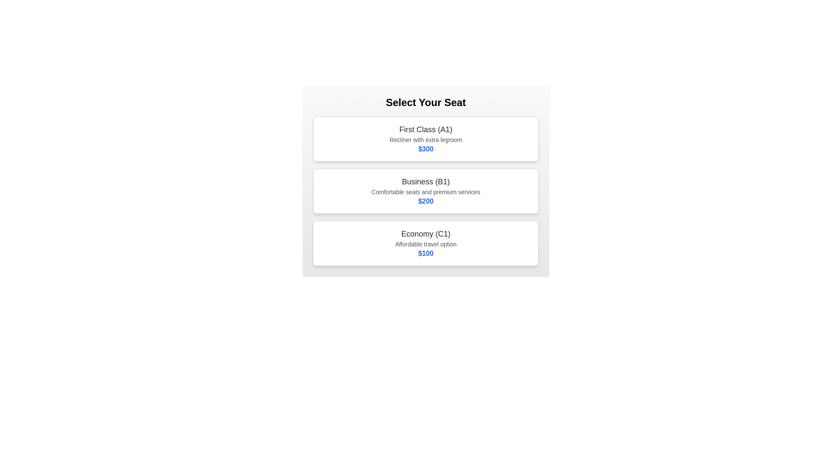 This screenshot has height=462, width=821. Describe the element at coordinates (426, 244) in the screenshot. I see `the text label located beneath the heading 'Economy (C1)' and above the price '$100', which is rendered in a small gray font` at that location.